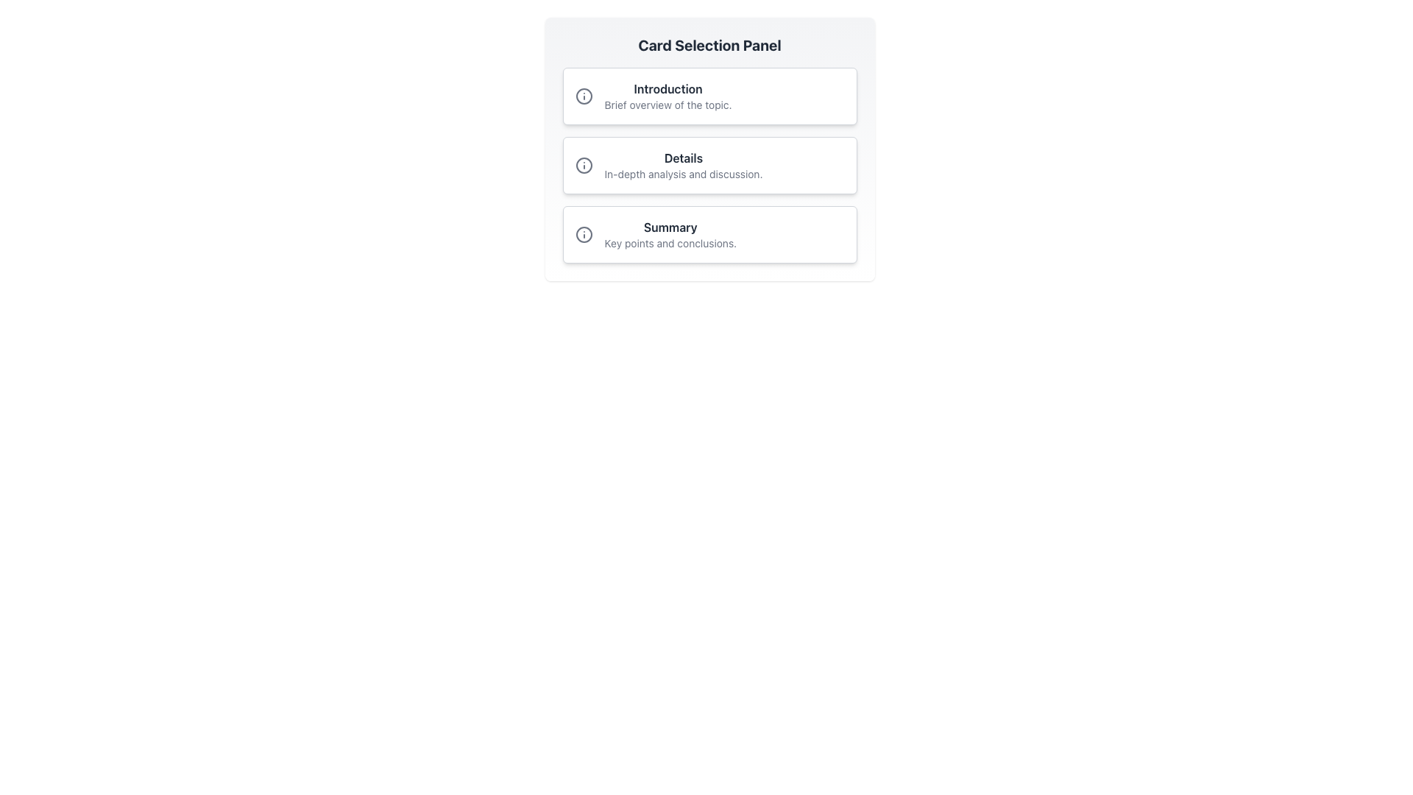 The image size is (1413, 795). I want to click on the 'Details' text label element, which is bold and dark gray, positioned centrally within a card layout, indicating the section for in-depth analysis, so click(682, 158).